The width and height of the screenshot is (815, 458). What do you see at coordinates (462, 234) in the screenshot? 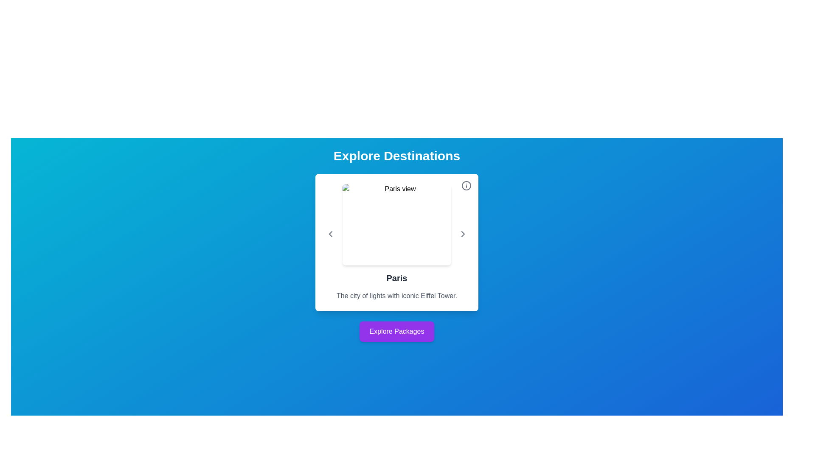
I see `the right-chevron icon, which is a minimalistic gray navigational button located at the far right of the horizontal component set` at bounding box center [462, 234].